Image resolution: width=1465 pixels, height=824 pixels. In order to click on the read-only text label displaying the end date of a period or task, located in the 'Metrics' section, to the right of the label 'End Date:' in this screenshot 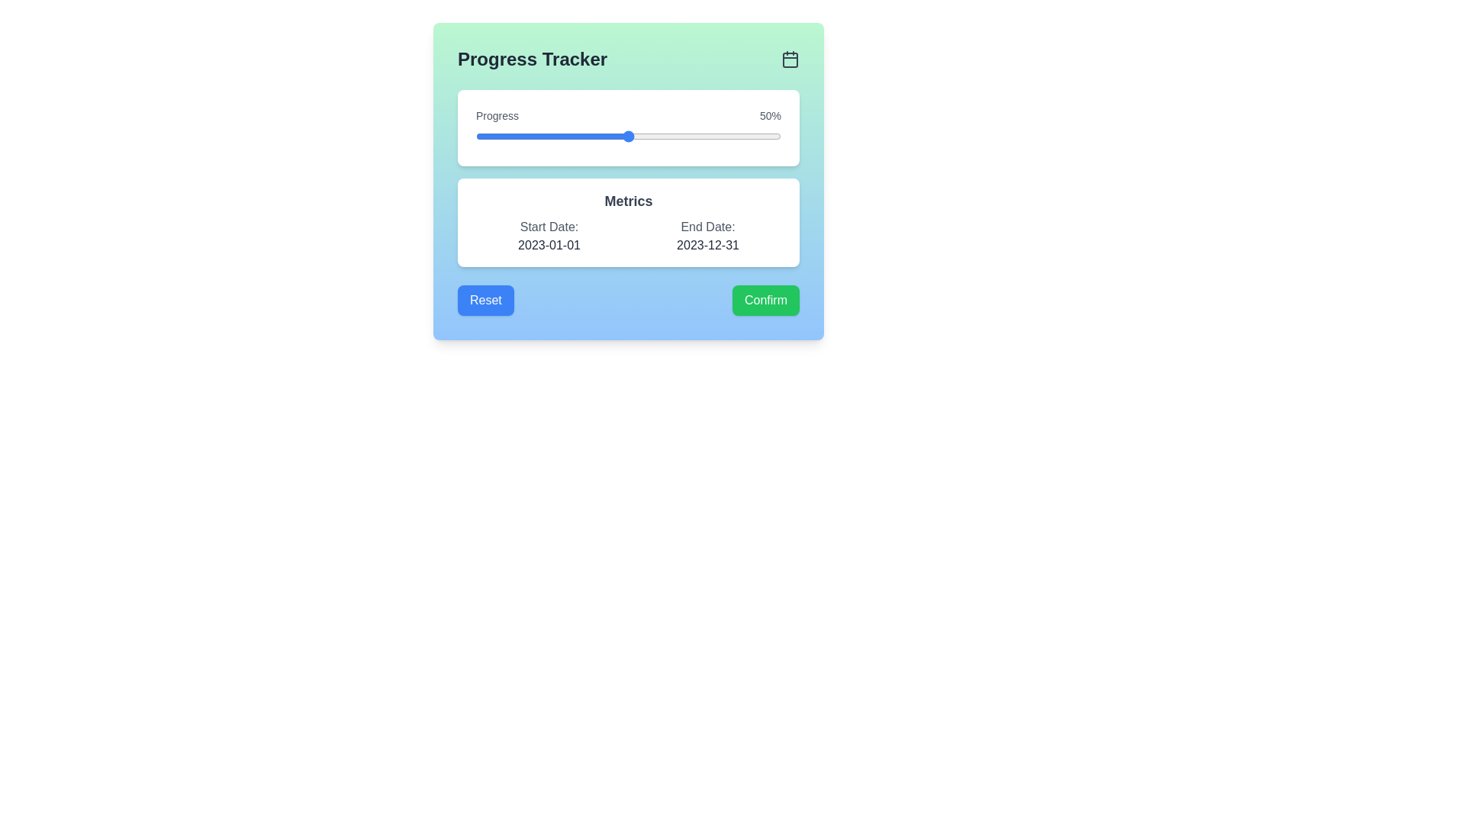, I will do `click(707, 244)`.